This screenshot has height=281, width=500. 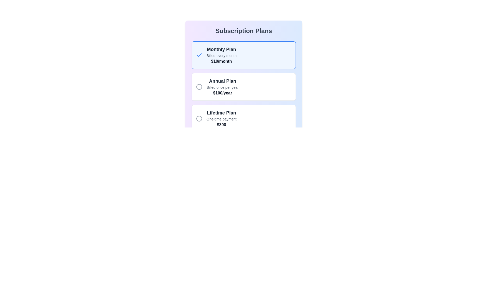 What do you see at coordinates (243, 87) in the screenshot?
I see `the selectable radio button within the 'Annual Plan' subscription option` at bounding box center [243, 87].